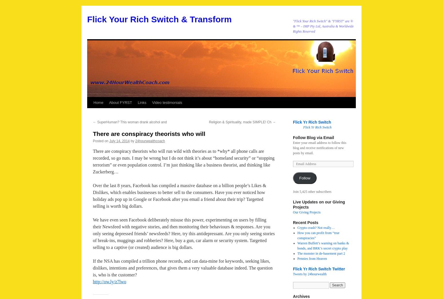 This screenshot has height=299, width=443. I want to click on 'Over the last 8 years, Facebook has compiled a massive database on a billion people’s Likes & Dislikes, which enables businesses to better sell to the consumers. Have you ever noticed how holiday ads pop up in Google or Facebook after you email a friend about their trip? Targetted selling is worth big dollars.', so click(179, 196).